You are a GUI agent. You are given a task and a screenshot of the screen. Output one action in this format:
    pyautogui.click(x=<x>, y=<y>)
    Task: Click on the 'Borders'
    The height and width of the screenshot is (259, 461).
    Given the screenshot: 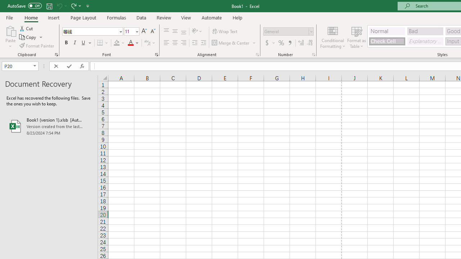 What is the action you would take?
    pyautogui.click(x=103, y=43)
    